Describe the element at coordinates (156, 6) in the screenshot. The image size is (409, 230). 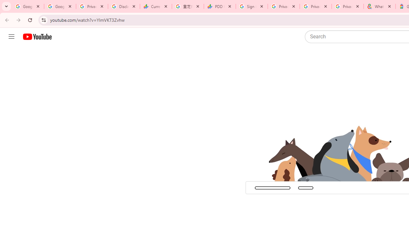
I see `'Currencies - Google Finance'` at that location.